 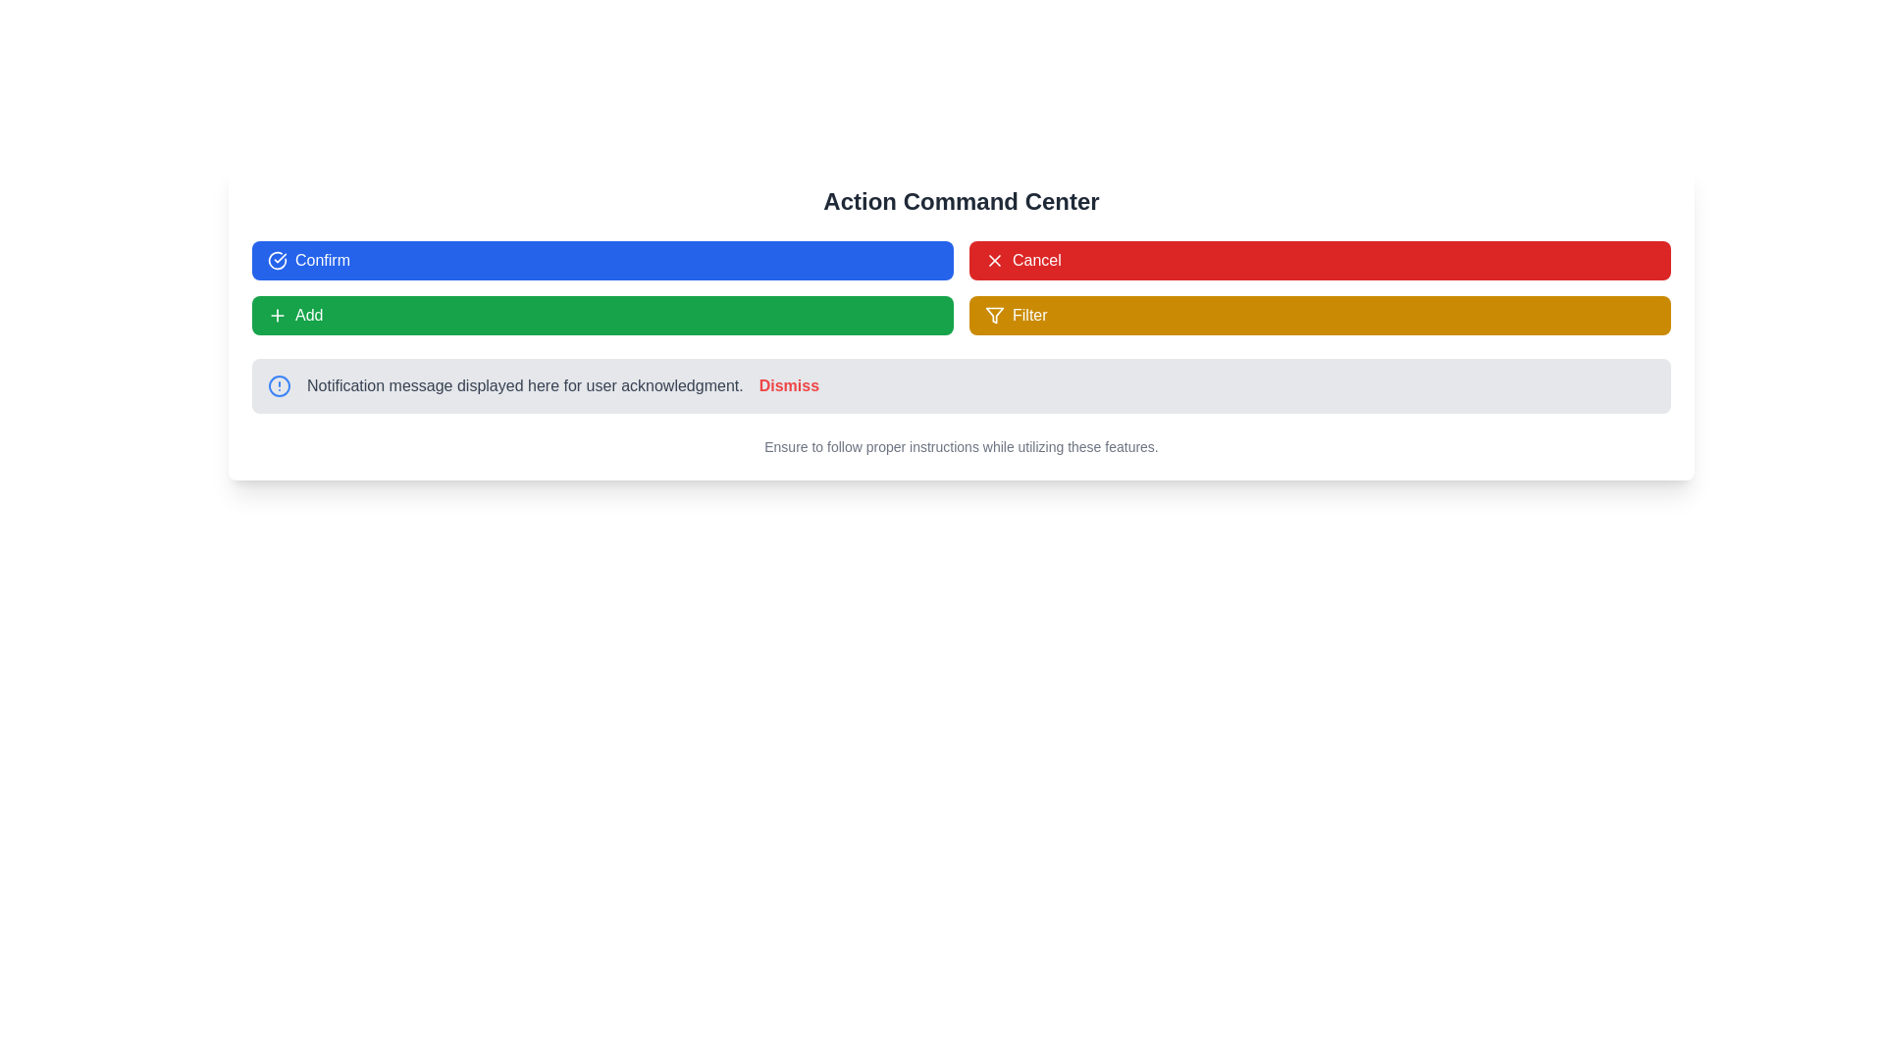 What do you see at coordinates (308, 314) in the screenshot?
I see `the text label displaying the word 'Add' which is located within a green button, centered vertically and horizontally aligned with a '+' icon to its left` at bounding box center [308, 314].